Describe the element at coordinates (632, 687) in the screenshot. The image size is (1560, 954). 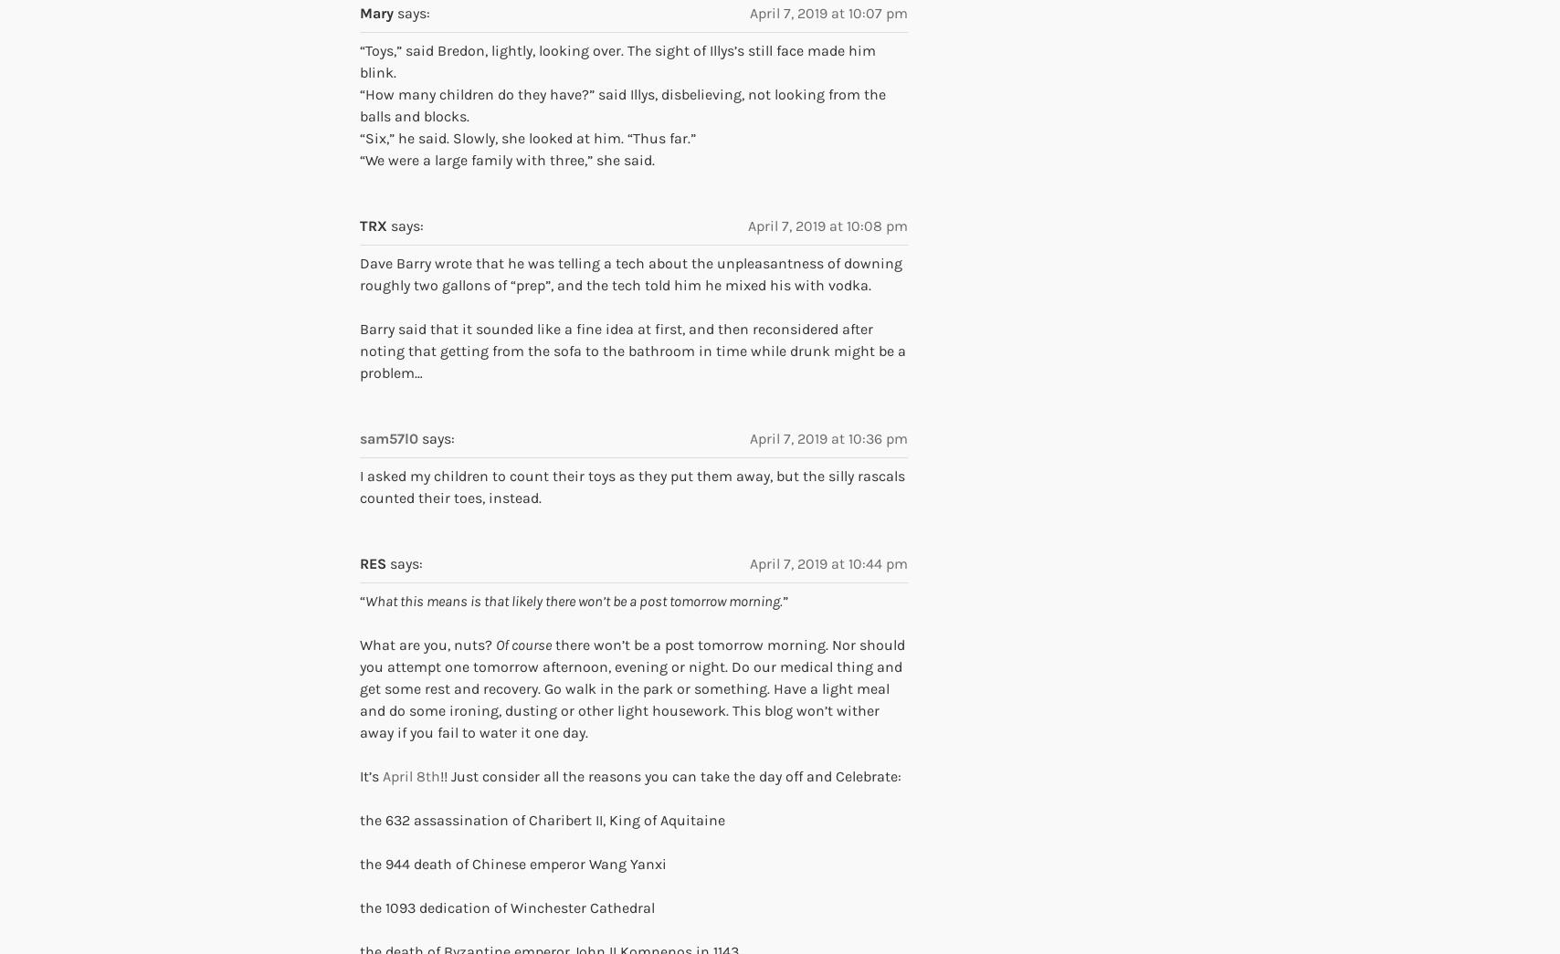
I see `'there won’t be a post tomorrow morning.  Nor should you attempt one tomorrow afternoon, evening or night.  Do our medical thing and get some rest and recovery.  Go walk in the park or something.  Have a light meal and do some ironing, dusting or other light housework.  This blog won’t wither away if you fail to water it one day.'` at that location.